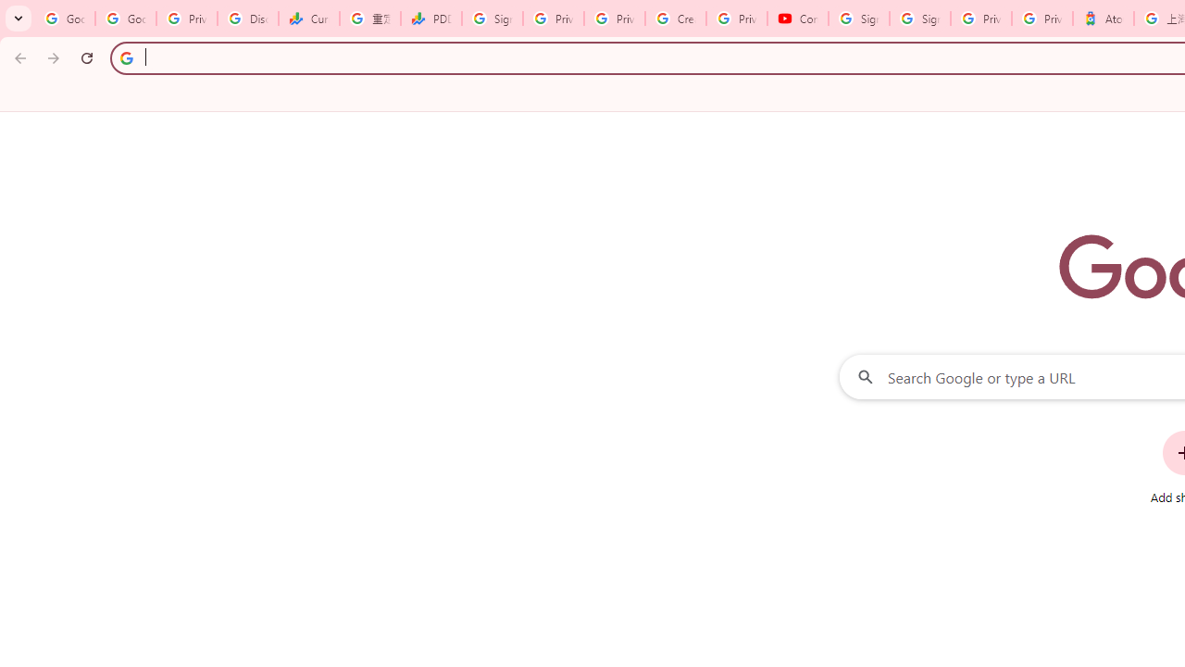 The image size is (1185, 667). What do you see at coordinates (430, 19) in the screenshot?
I see `'PDD Holdings Inc - ADR (PDD) Price & News - Google Finance'` at bounding box center [430, 19].